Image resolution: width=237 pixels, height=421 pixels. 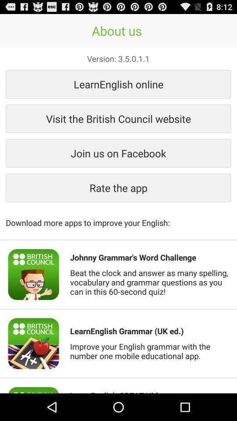 I want to click on the item below the rate the app item, so click(x=118, y=218).